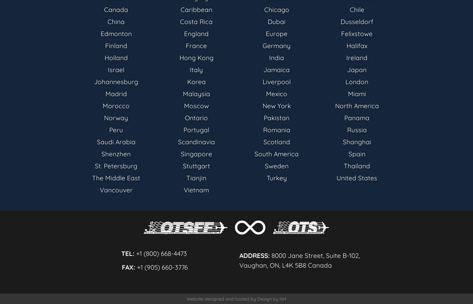 This screenshot has height=304, width=473. Describe the element at coordinates (127, 253) in the screenshot. I see `'TEL:'` at that location.